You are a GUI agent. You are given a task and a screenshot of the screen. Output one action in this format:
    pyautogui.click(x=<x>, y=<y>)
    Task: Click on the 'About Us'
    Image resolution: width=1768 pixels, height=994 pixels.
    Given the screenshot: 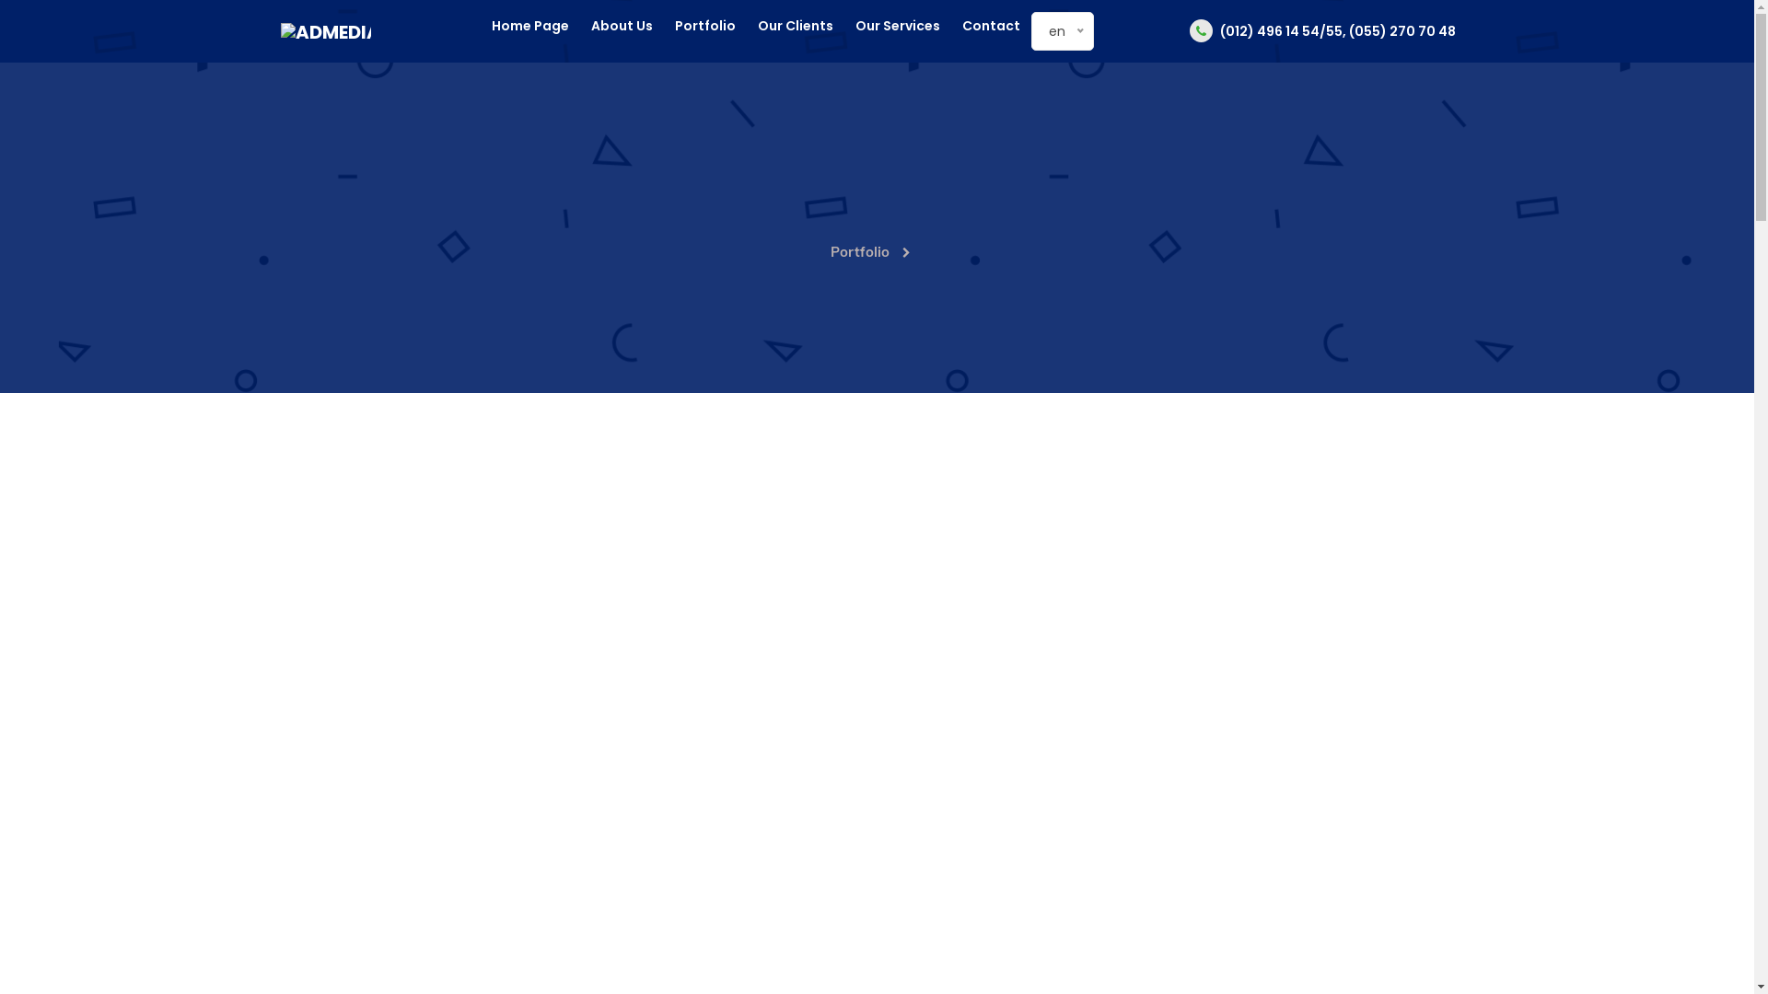 What is the action you would take?
    pyautogui.click(x=591, y=26)
    